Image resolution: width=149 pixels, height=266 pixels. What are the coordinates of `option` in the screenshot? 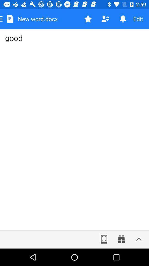 It's located at (88, 19).